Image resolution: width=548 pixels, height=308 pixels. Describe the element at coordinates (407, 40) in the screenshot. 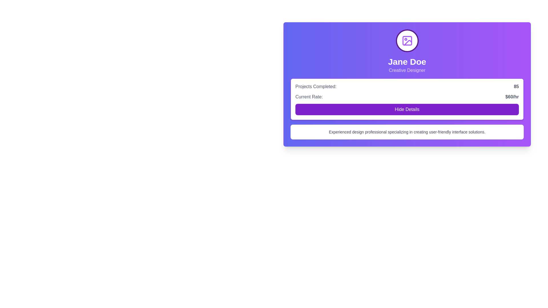

I see `the purple icon representing an image, which is located in a circular white background at the top-center of the card layout` at that location.